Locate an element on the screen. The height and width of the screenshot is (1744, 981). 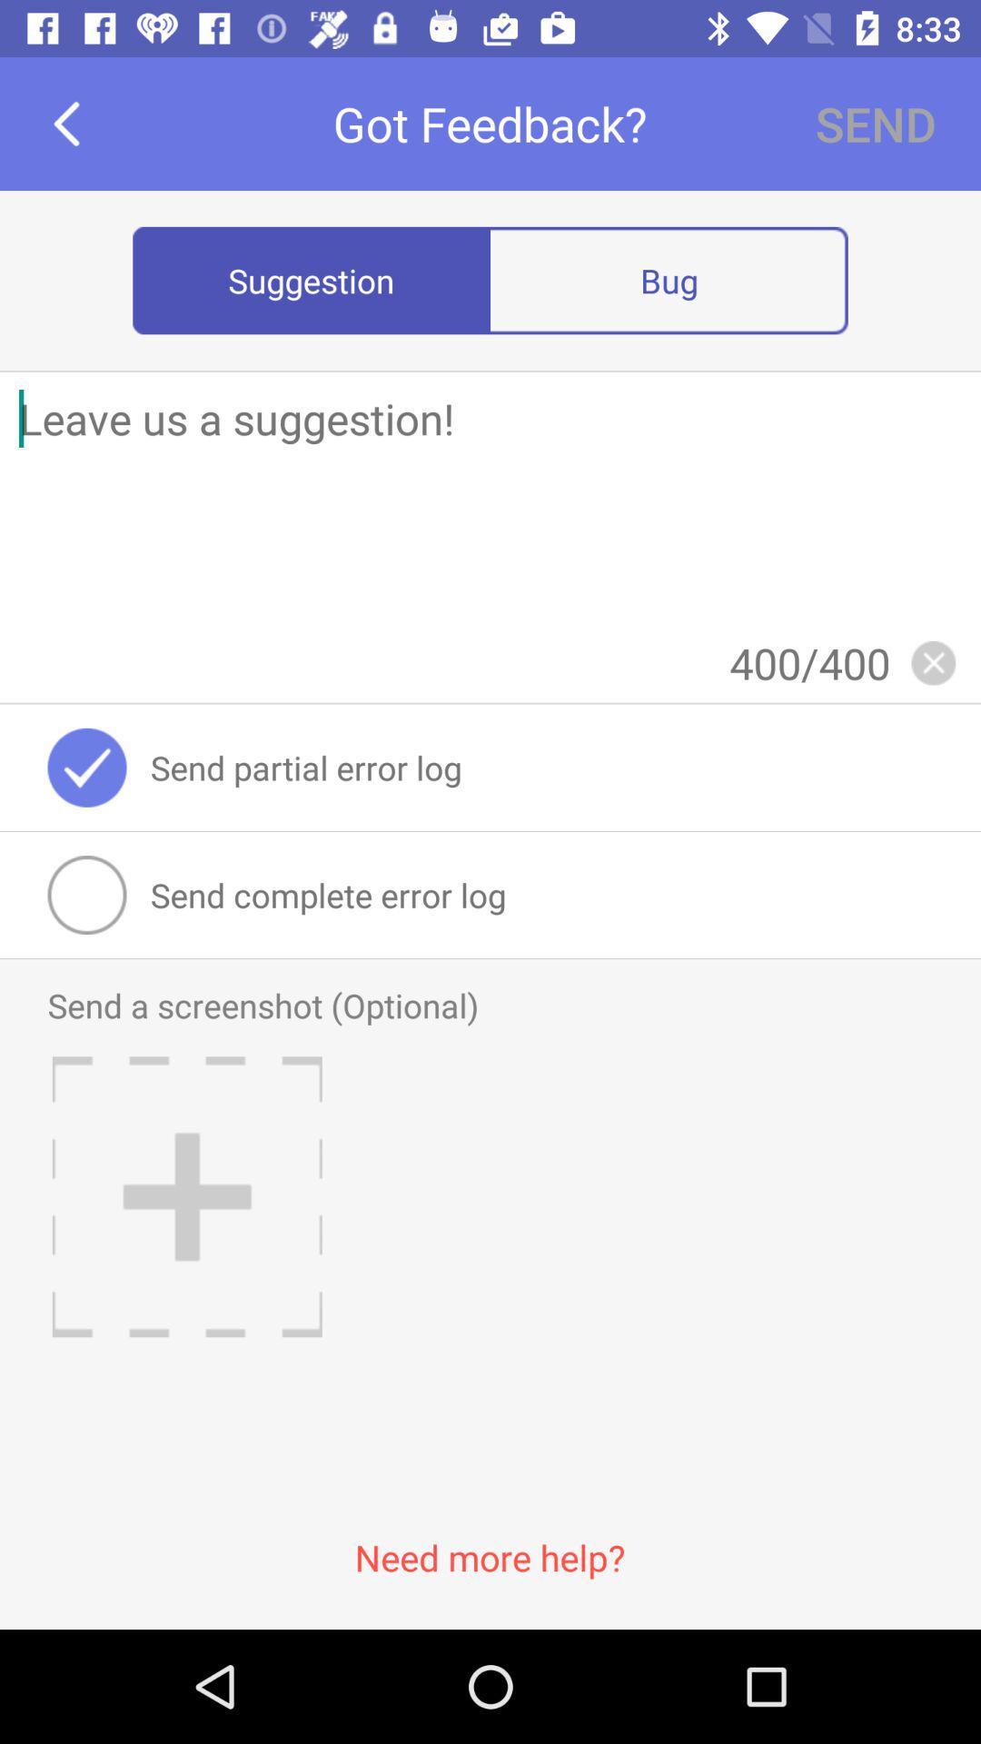
bug radio button is located at coordinates (669, 279).